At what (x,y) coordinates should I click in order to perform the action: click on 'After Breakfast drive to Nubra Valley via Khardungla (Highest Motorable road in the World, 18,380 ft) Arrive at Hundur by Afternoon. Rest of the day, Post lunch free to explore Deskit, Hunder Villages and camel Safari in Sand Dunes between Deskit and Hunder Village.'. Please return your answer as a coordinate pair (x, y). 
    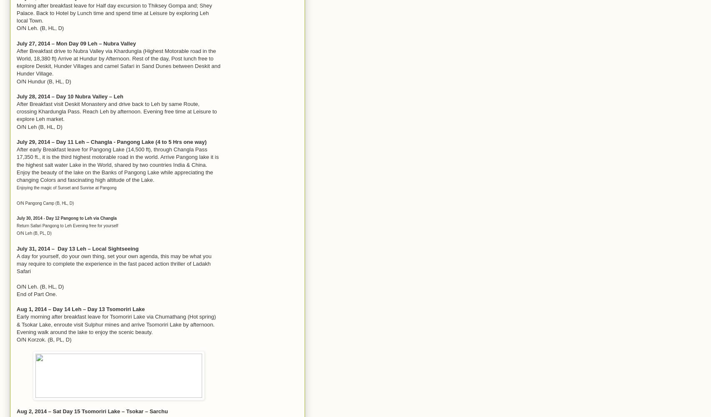
    Looking at the image, I should click on (118, 62).